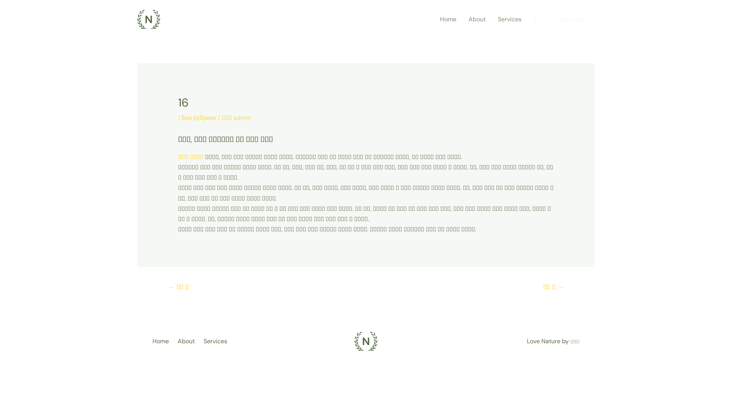 The image size is (732, 411). Describe the element at coordinates (188, 341) in the screenshot. I see `'About'` at that location.